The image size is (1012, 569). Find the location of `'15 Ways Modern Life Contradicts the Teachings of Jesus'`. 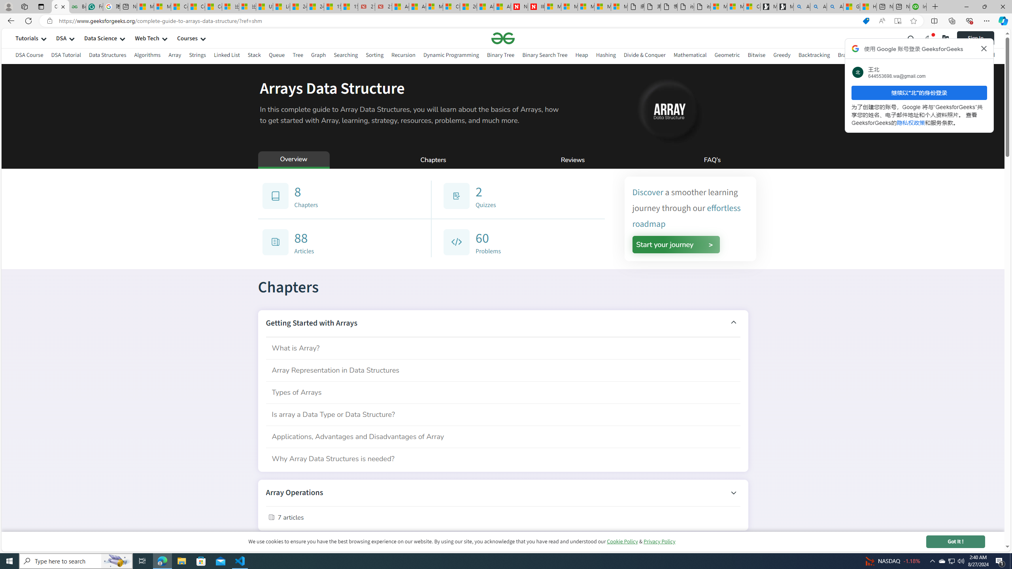

'15 Ways Modern Life Contradicts the Teachings of Jesus' is located at coordinates (349, 6).